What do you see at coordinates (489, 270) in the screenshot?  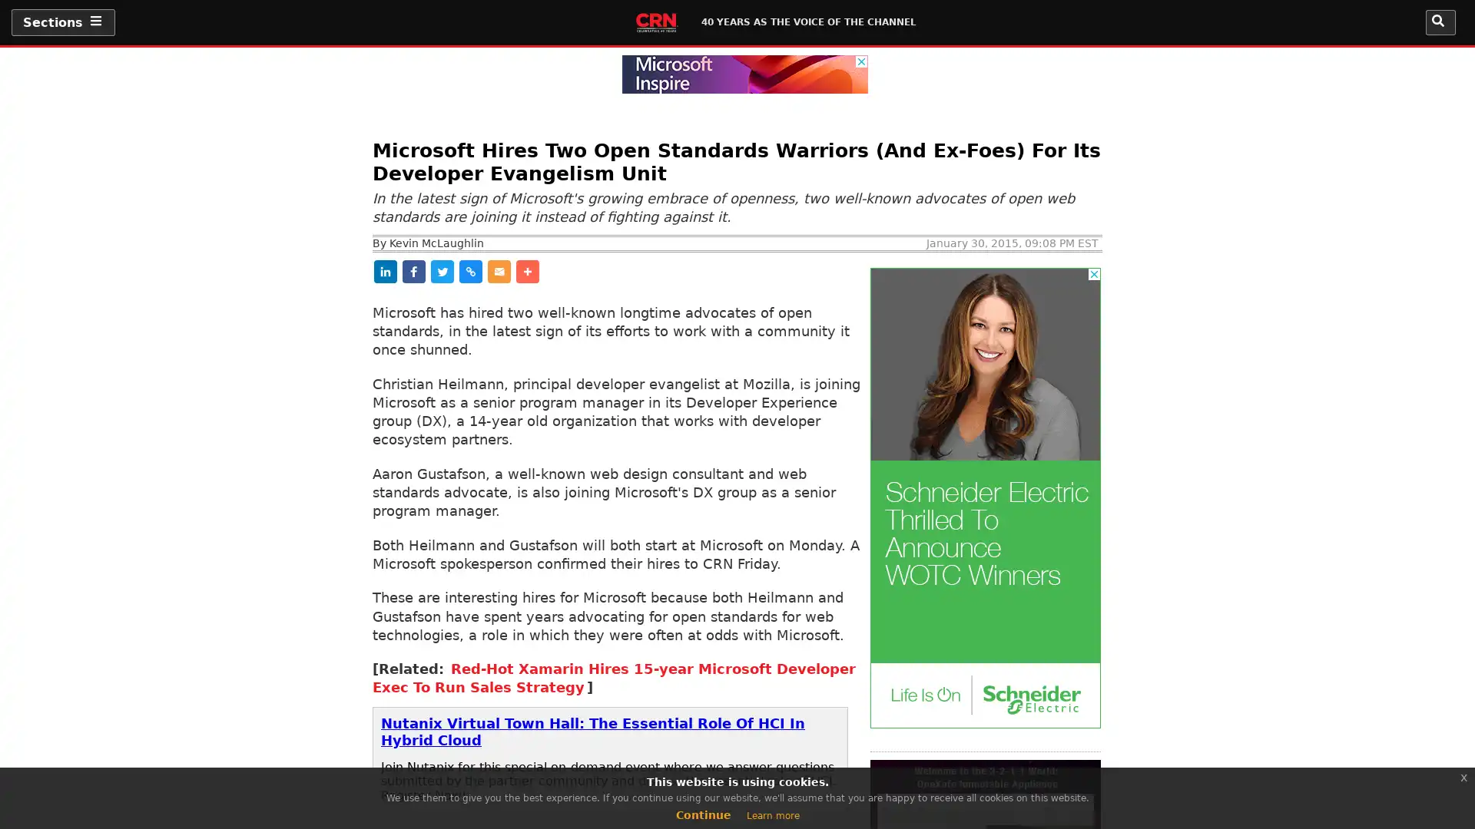 I see `Share to Facebook Facebook` at bounding box center [489, 270].